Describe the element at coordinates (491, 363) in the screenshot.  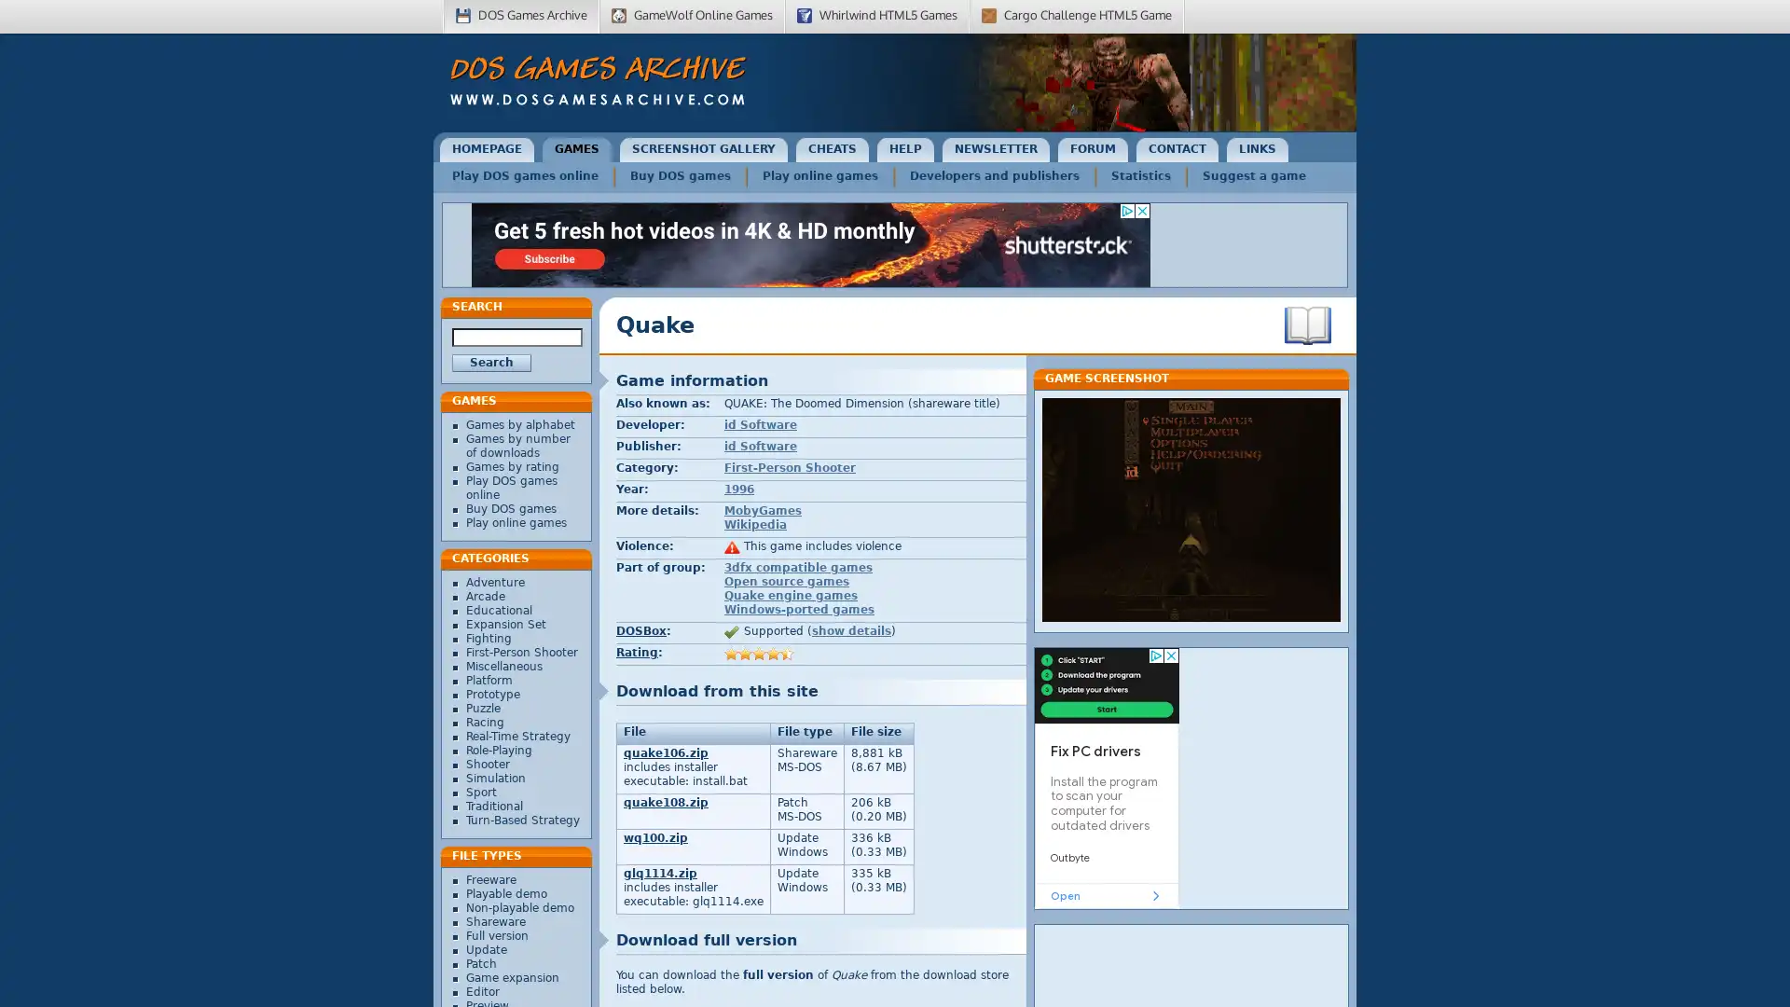
I see `Search` at that location.